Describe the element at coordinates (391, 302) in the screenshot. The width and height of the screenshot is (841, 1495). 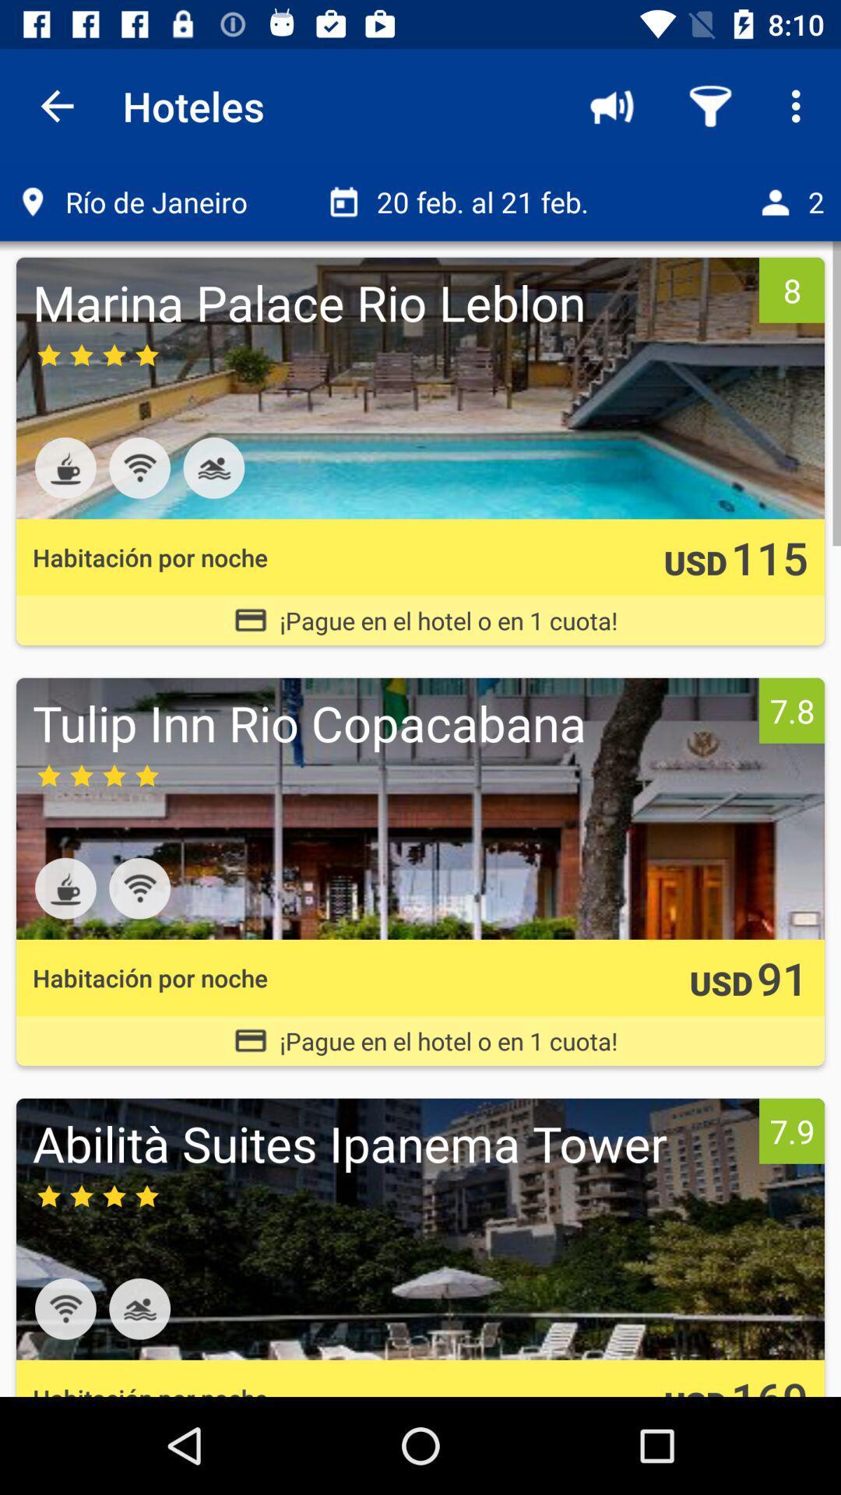
I see `icon next to the 8 item` at that location.